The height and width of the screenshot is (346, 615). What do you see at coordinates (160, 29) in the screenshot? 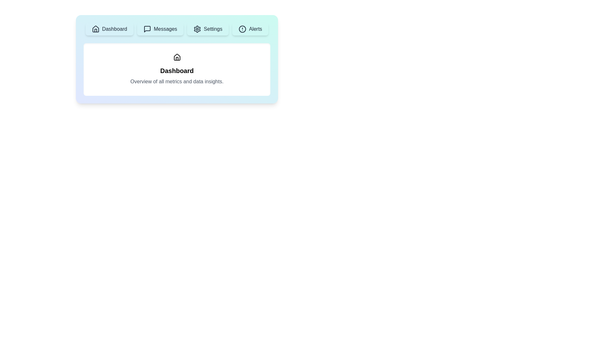
I see `the tab labeled 'Messages' to preview its hover effect` at bounding box center [160, 29].